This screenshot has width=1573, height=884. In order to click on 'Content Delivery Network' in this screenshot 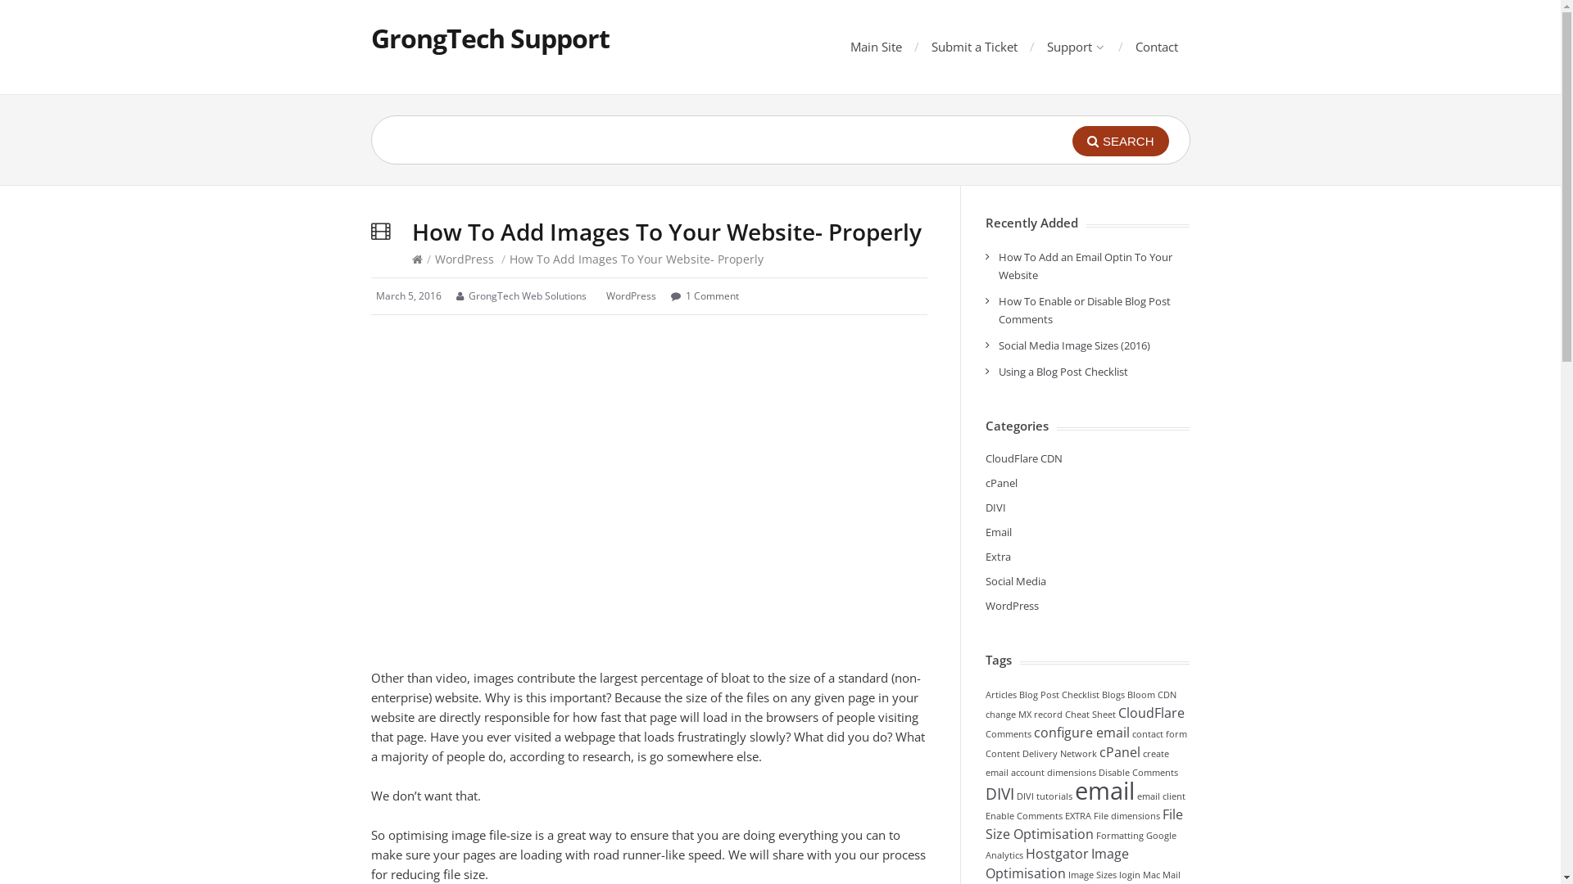, I will do `click(1040, 754)`.